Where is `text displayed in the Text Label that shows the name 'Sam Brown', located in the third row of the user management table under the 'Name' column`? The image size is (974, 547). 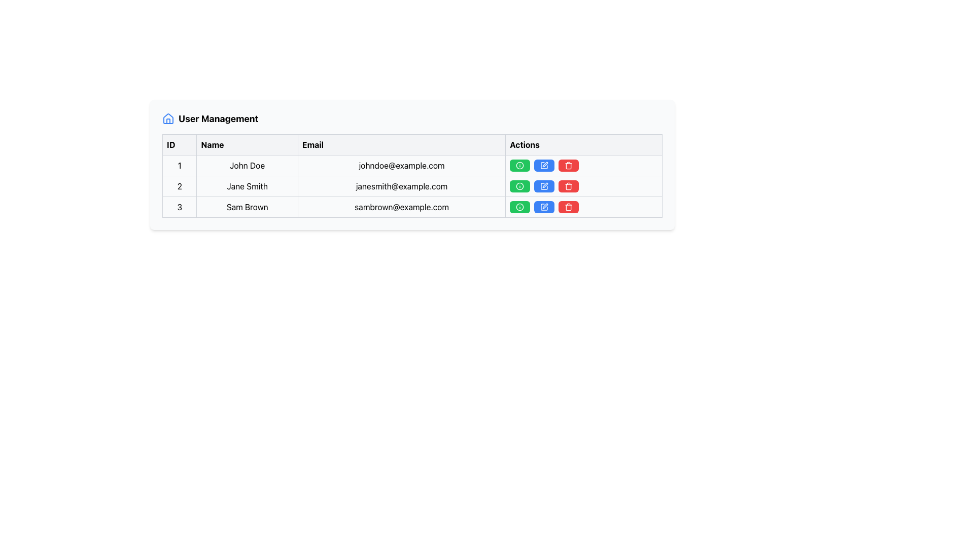 text displayed in the Text Label that shows the name 'Sam Brown', located in the third row of the user management table under the 'Name' column is located at coordinates (247, 206).